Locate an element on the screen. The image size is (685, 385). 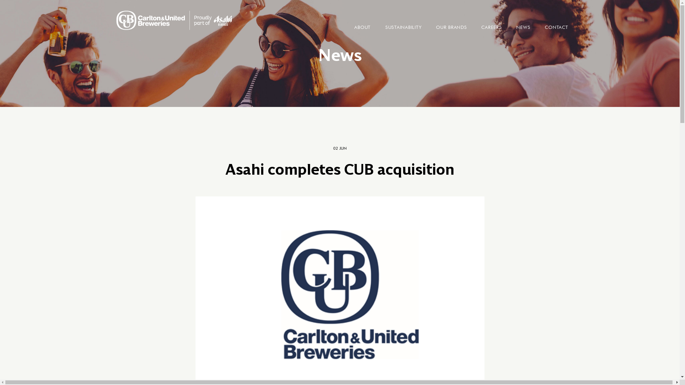
'CONTACT' is located at coordinates (556, 30).